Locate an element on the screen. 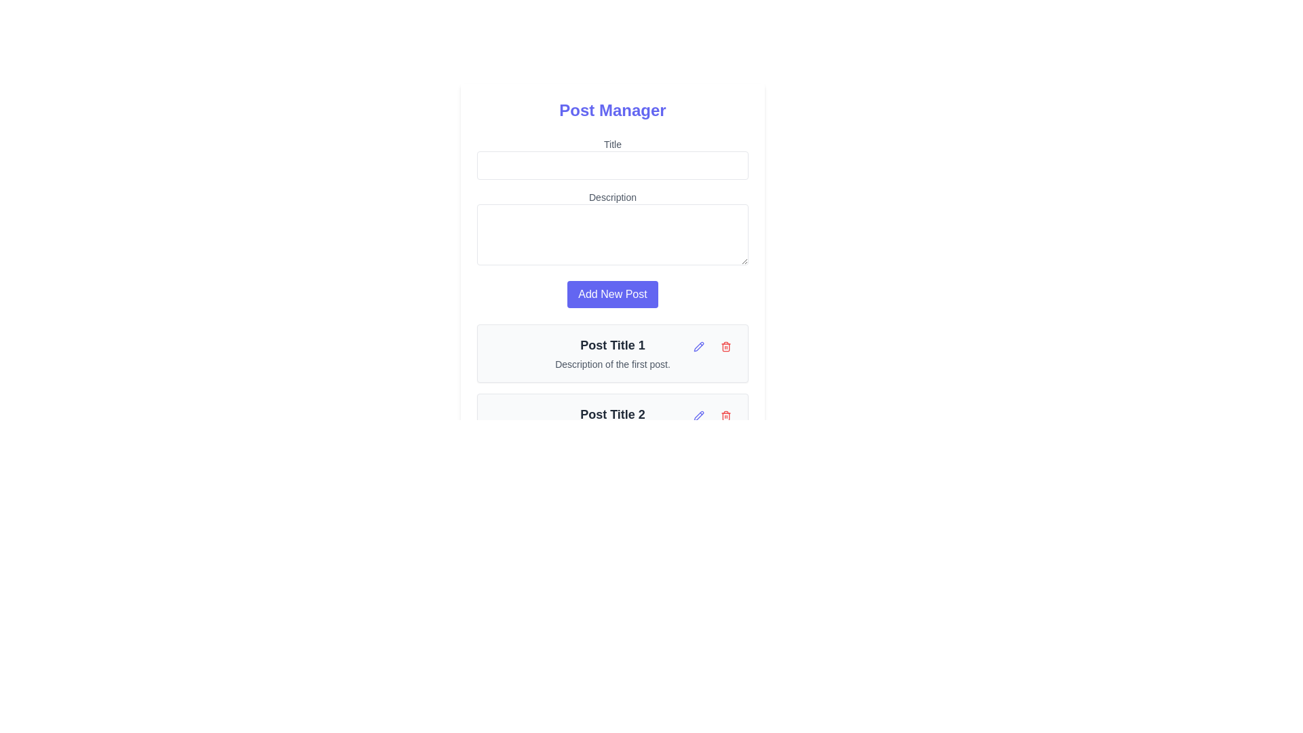 This screenshot has height=733, width=1303. the 'Add New Post' button which is styled with an indigo background and white text, located at the bottom of the form is located at coordinates (611, 294).